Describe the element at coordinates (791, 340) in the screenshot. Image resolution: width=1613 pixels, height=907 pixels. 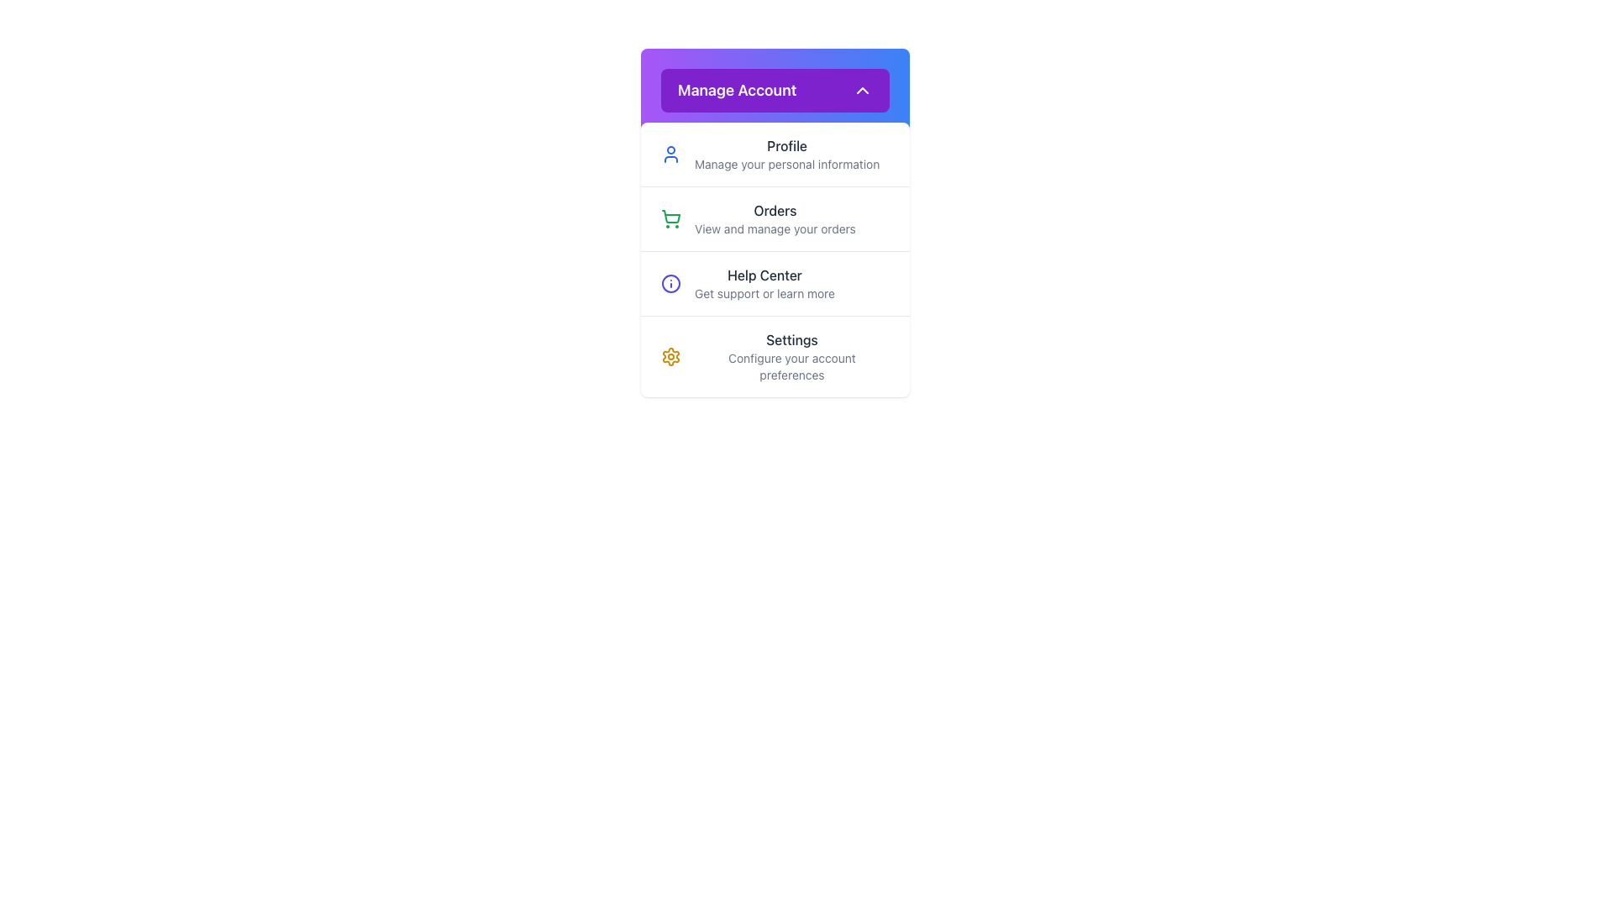
I see `the 'Settings' text label located in the dropdown menu under 'Manage Account.'` at that location.